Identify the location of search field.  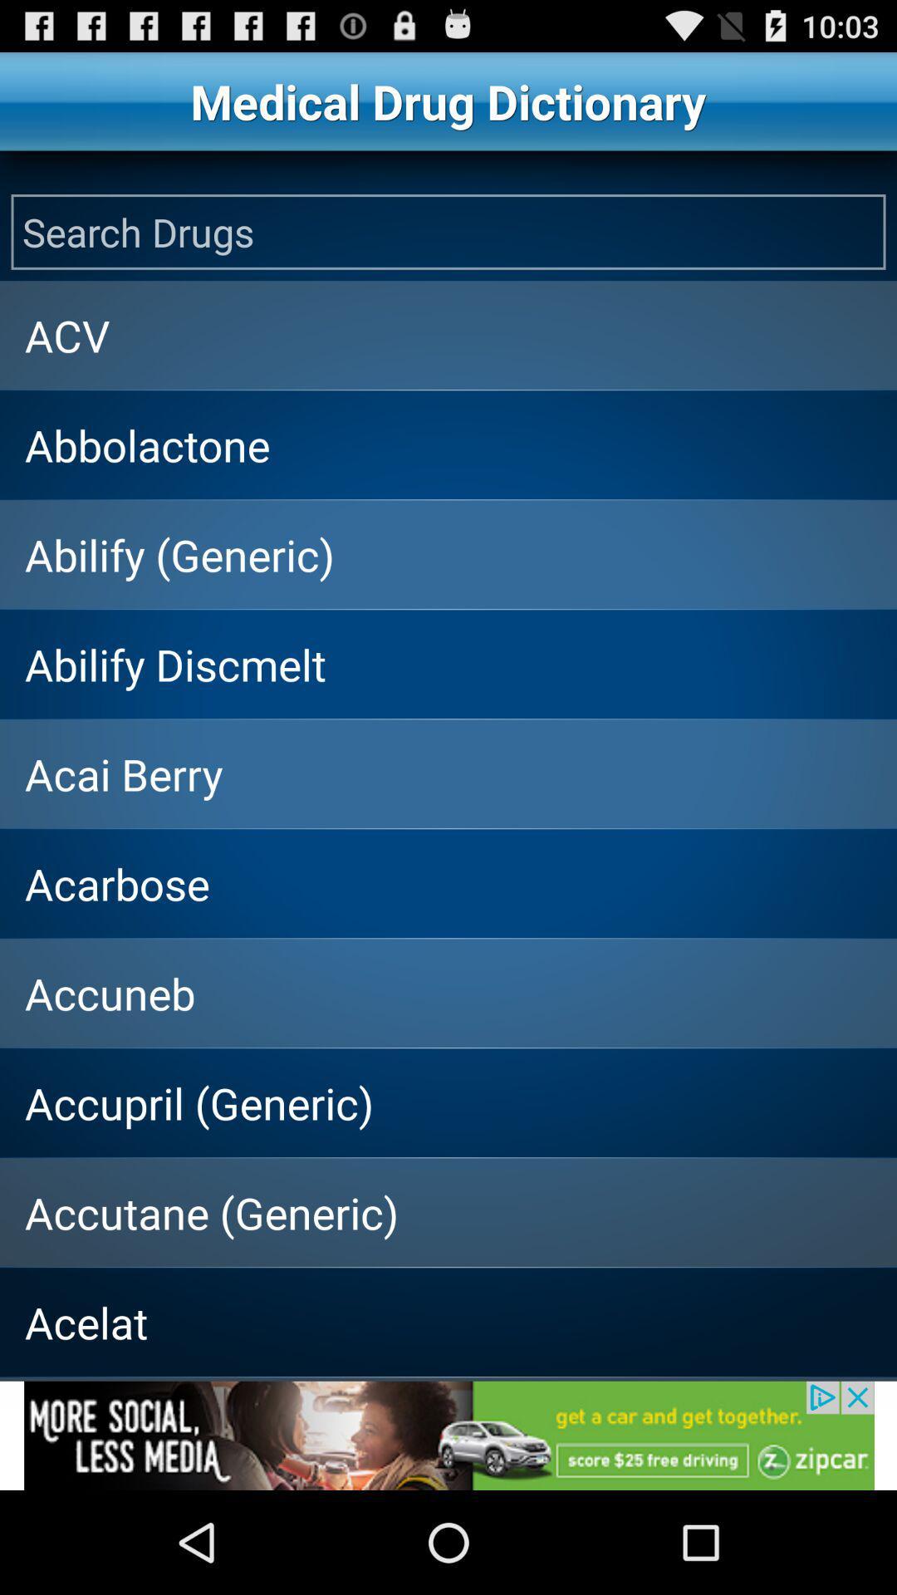
(448, 231).